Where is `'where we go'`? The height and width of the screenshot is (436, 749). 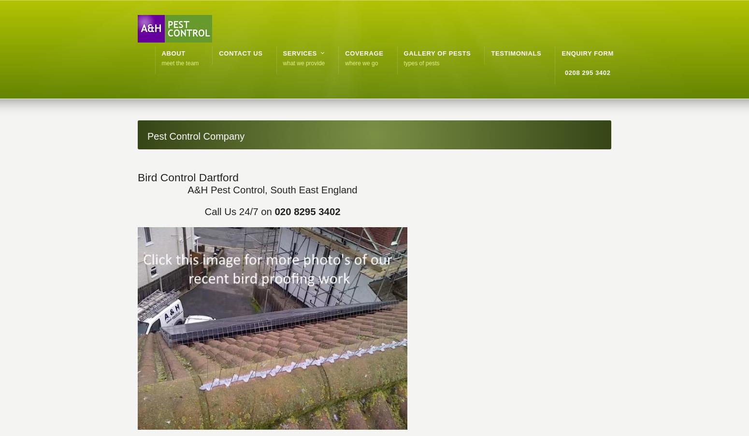
'where we go' is located at coordinates (361, 63).